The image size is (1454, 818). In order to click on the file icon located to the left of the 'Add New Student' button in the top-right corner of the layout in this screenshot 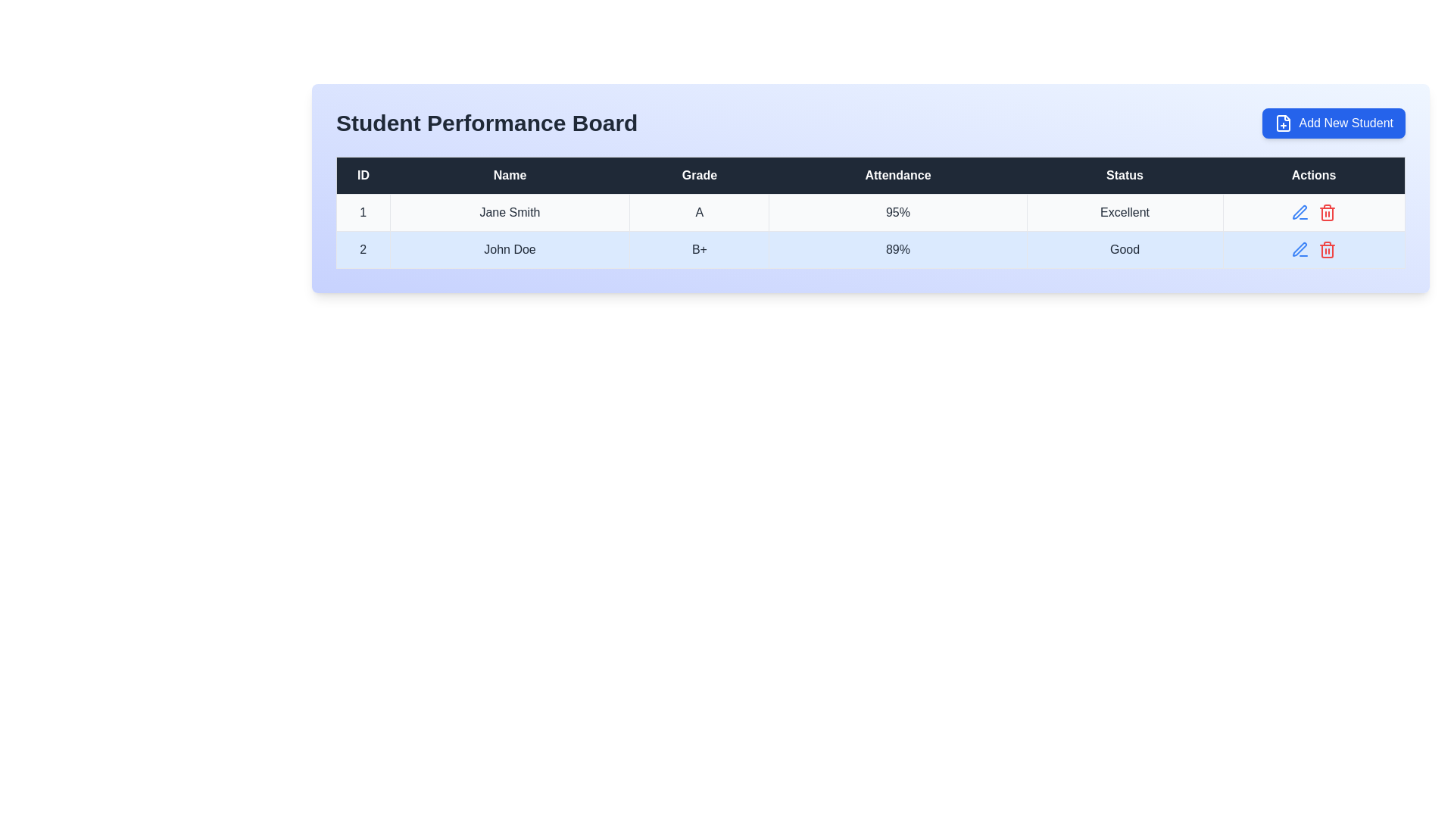, I will do `click(1283, 122)`.